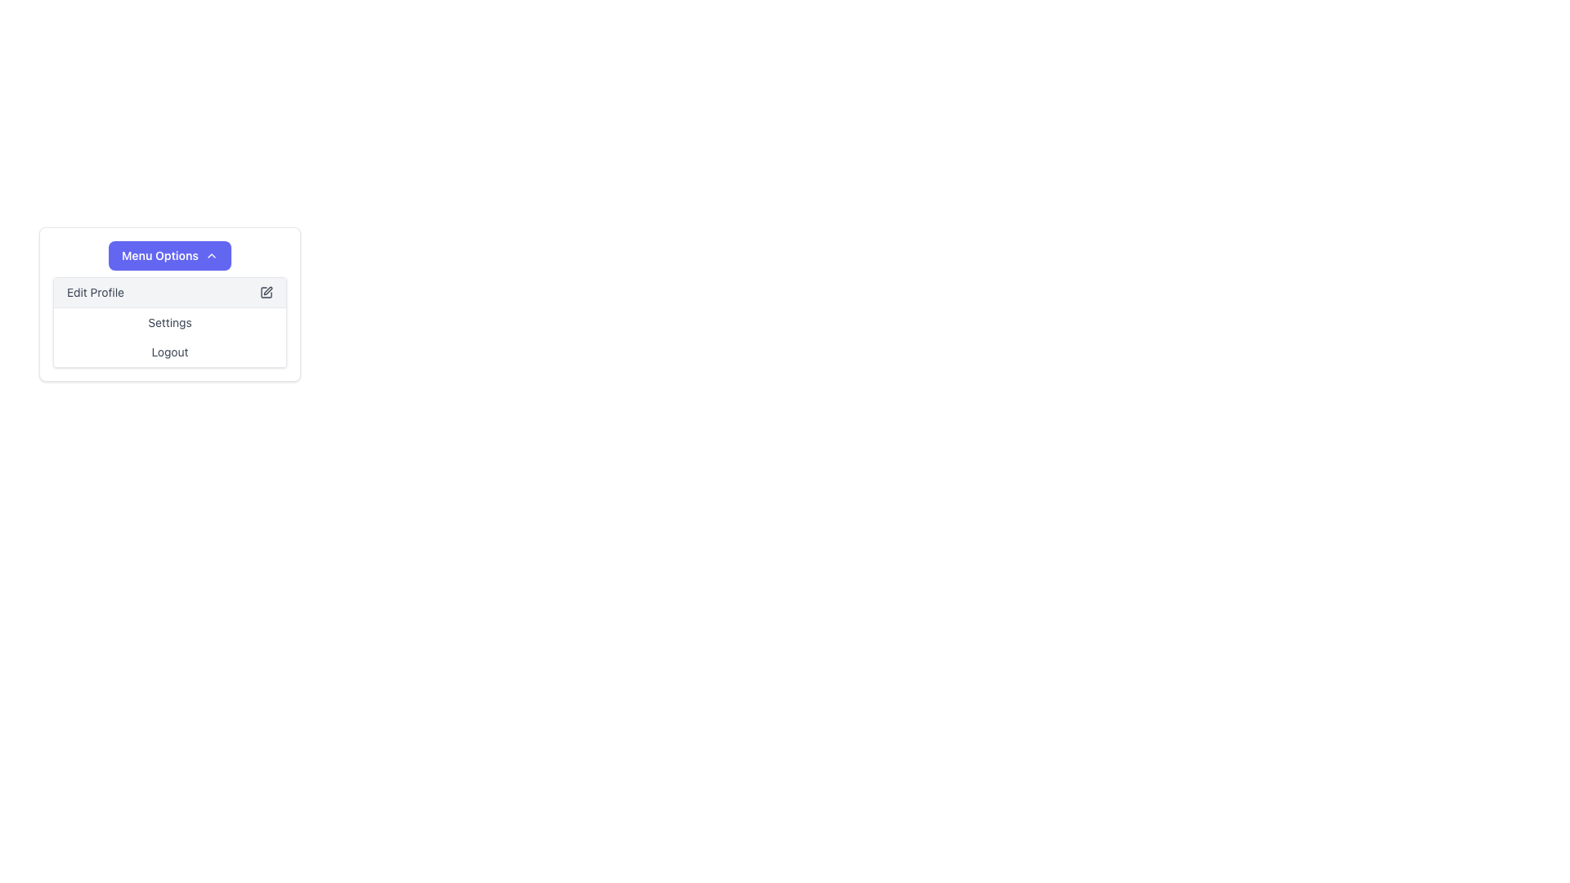 This screenshot has height=883, width=1570. Describe the element at coordinates (169, 322) in the screenshot. I see `the 'Settings' option in the user actions menu located below the 'Menu Options' header` at that location.